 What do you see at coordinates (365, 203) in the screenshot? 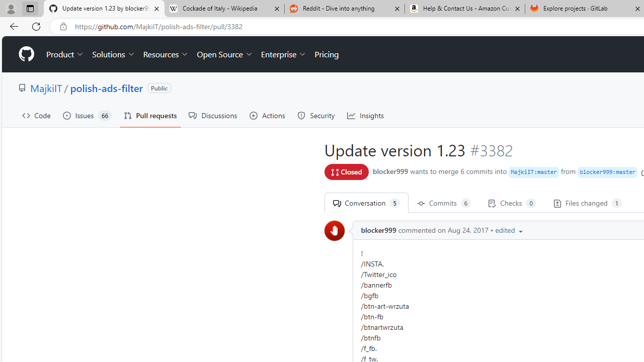
I see `' Conversation 5'` at bounding box center [365, 203].